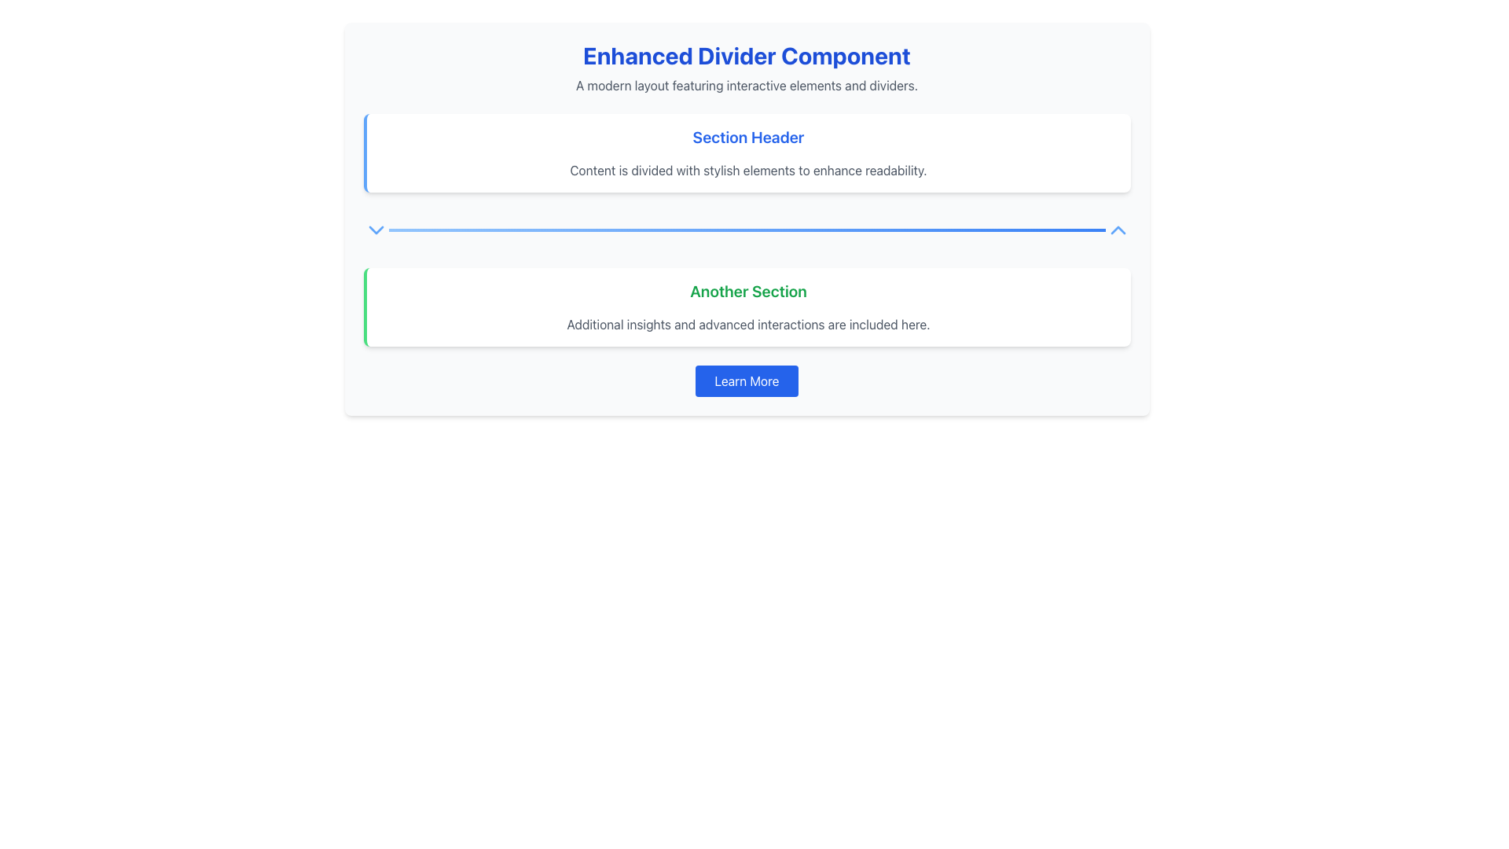 The image size is (1509, 849). What do you see at coordinates (746, 230) in the screenshot?
I see `the Divider element that visually separates the 'Section Header' and 'Another Section' in the layout` at bounding box center [746, 230].